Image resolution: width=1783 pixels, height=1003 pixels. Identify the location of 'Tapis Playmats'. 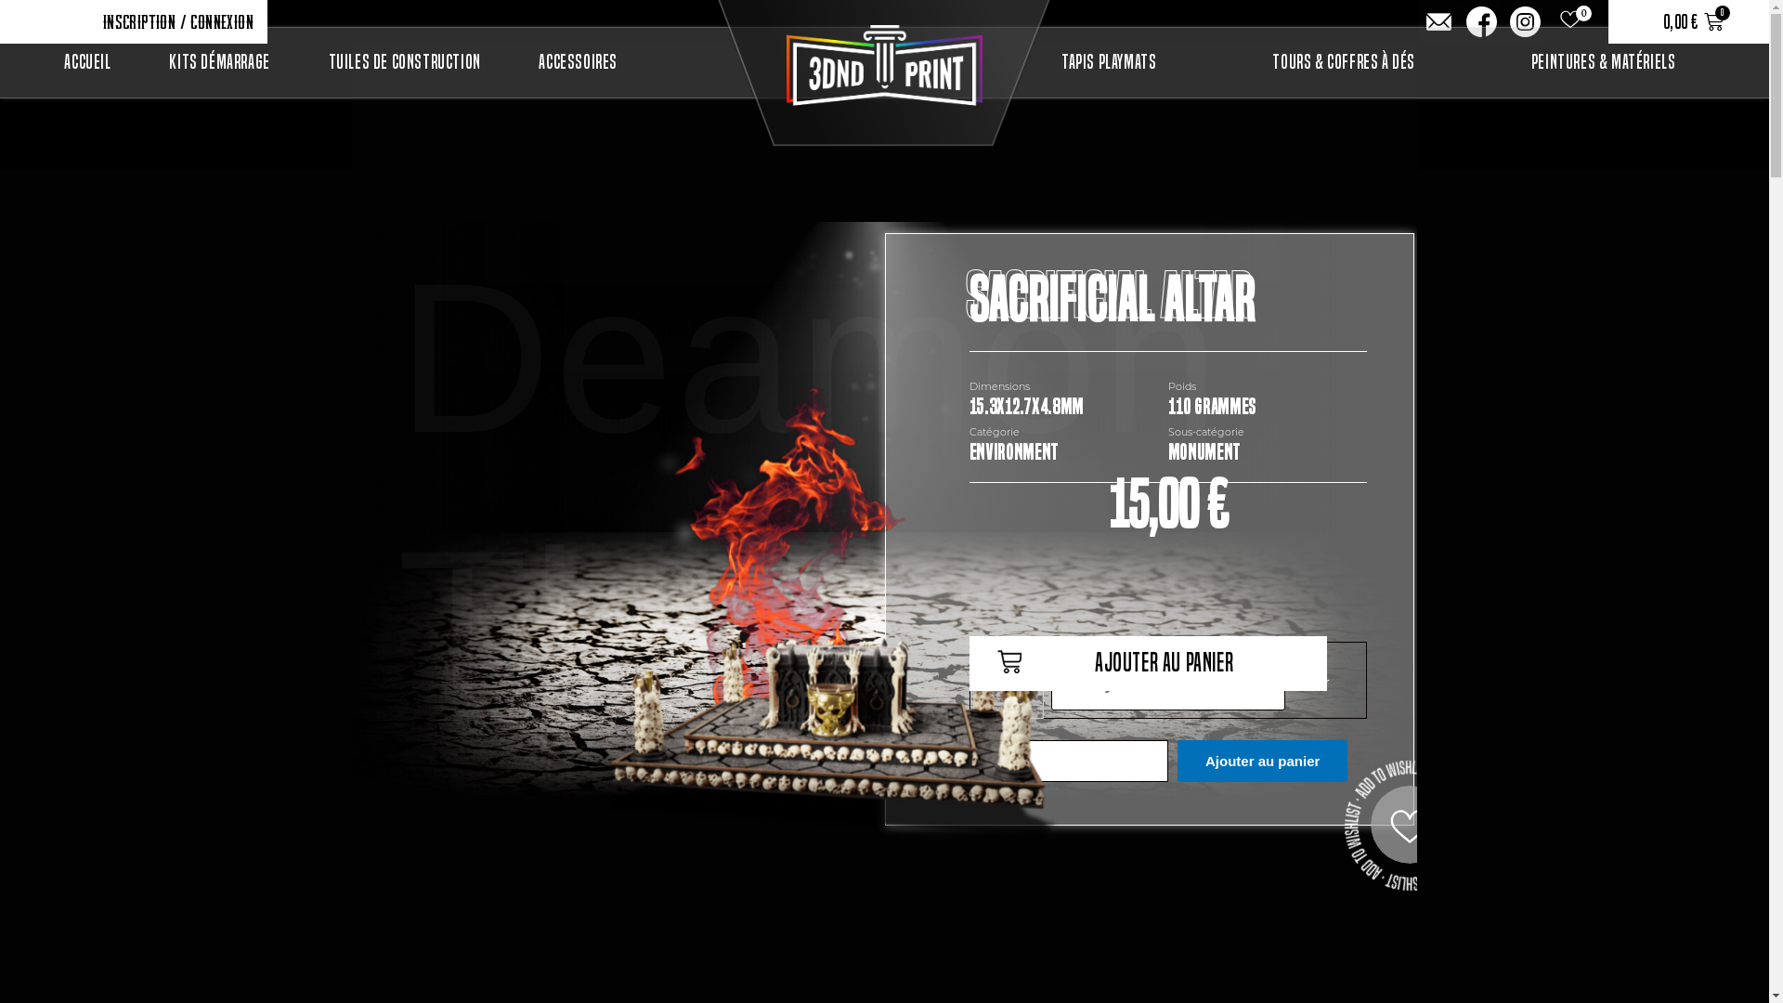
(1109, 60).